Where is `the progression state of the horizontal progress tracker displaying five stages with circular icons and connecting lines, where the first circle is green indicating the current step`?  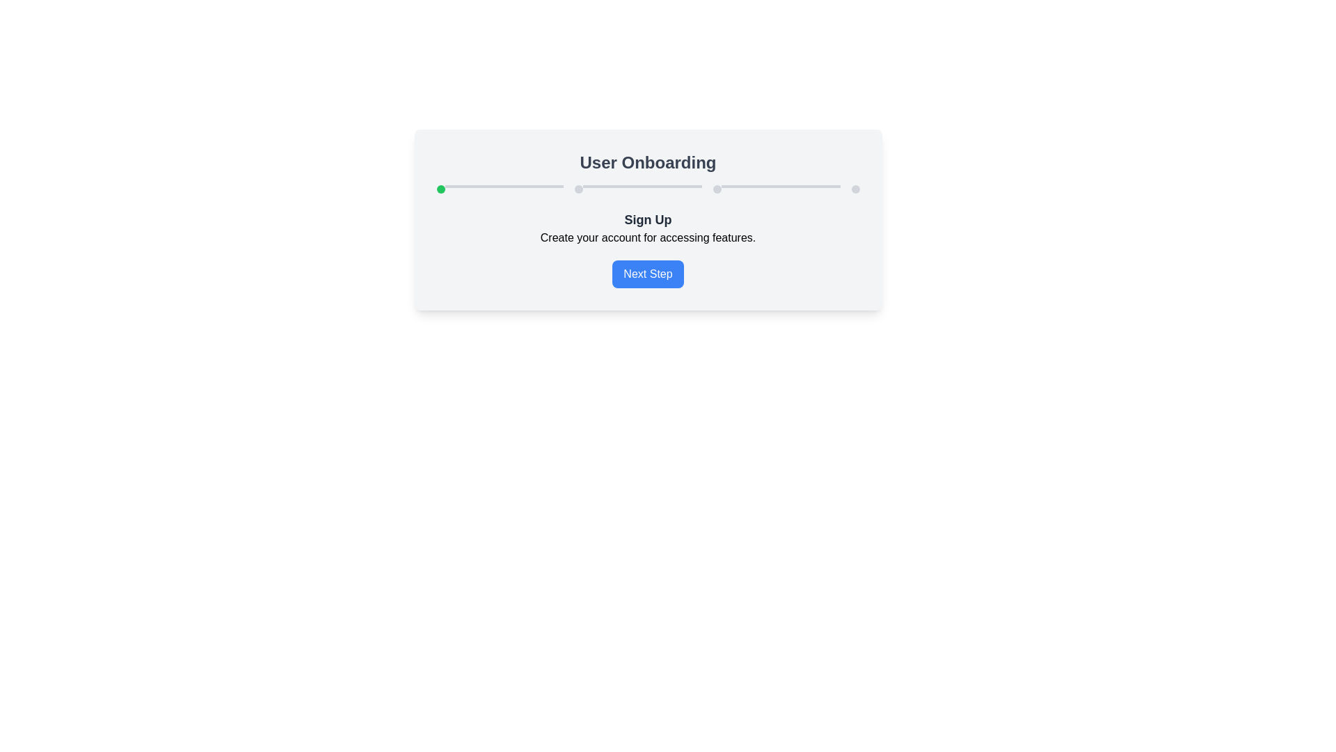 the progression state of the horizontal progress tracker displaying five stages with circular icons and connecting lines, where the first circle is green indicating the current step is located at coordinates (647, 189).